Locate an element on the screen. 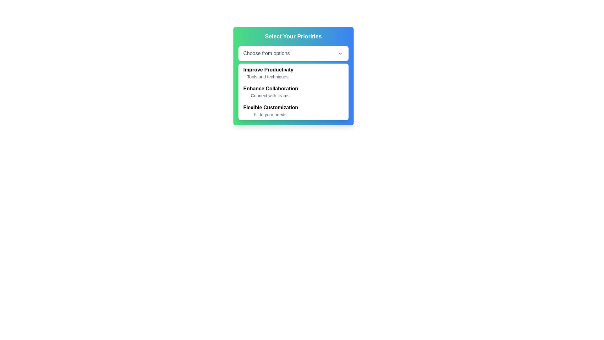  descriptive text label located below the 'Improve Productivity' header in the dropdown menu is located at coordinates (268, 76).